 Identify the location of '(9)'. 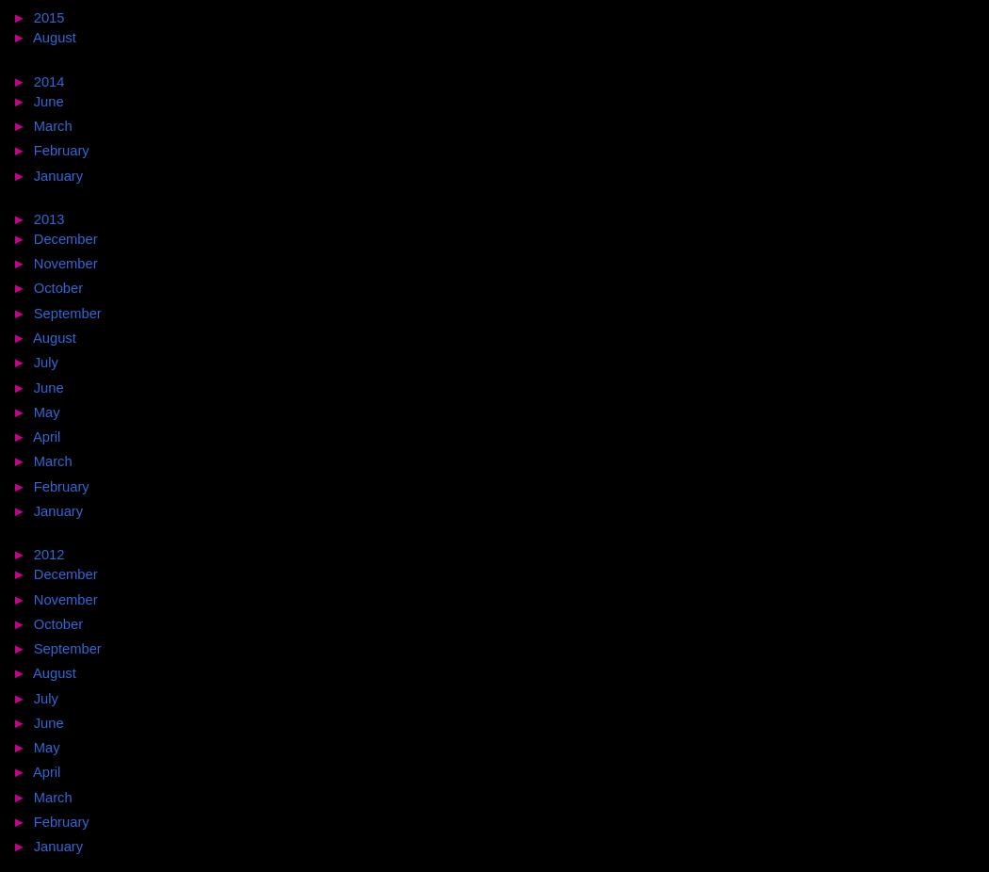
(108, 264).